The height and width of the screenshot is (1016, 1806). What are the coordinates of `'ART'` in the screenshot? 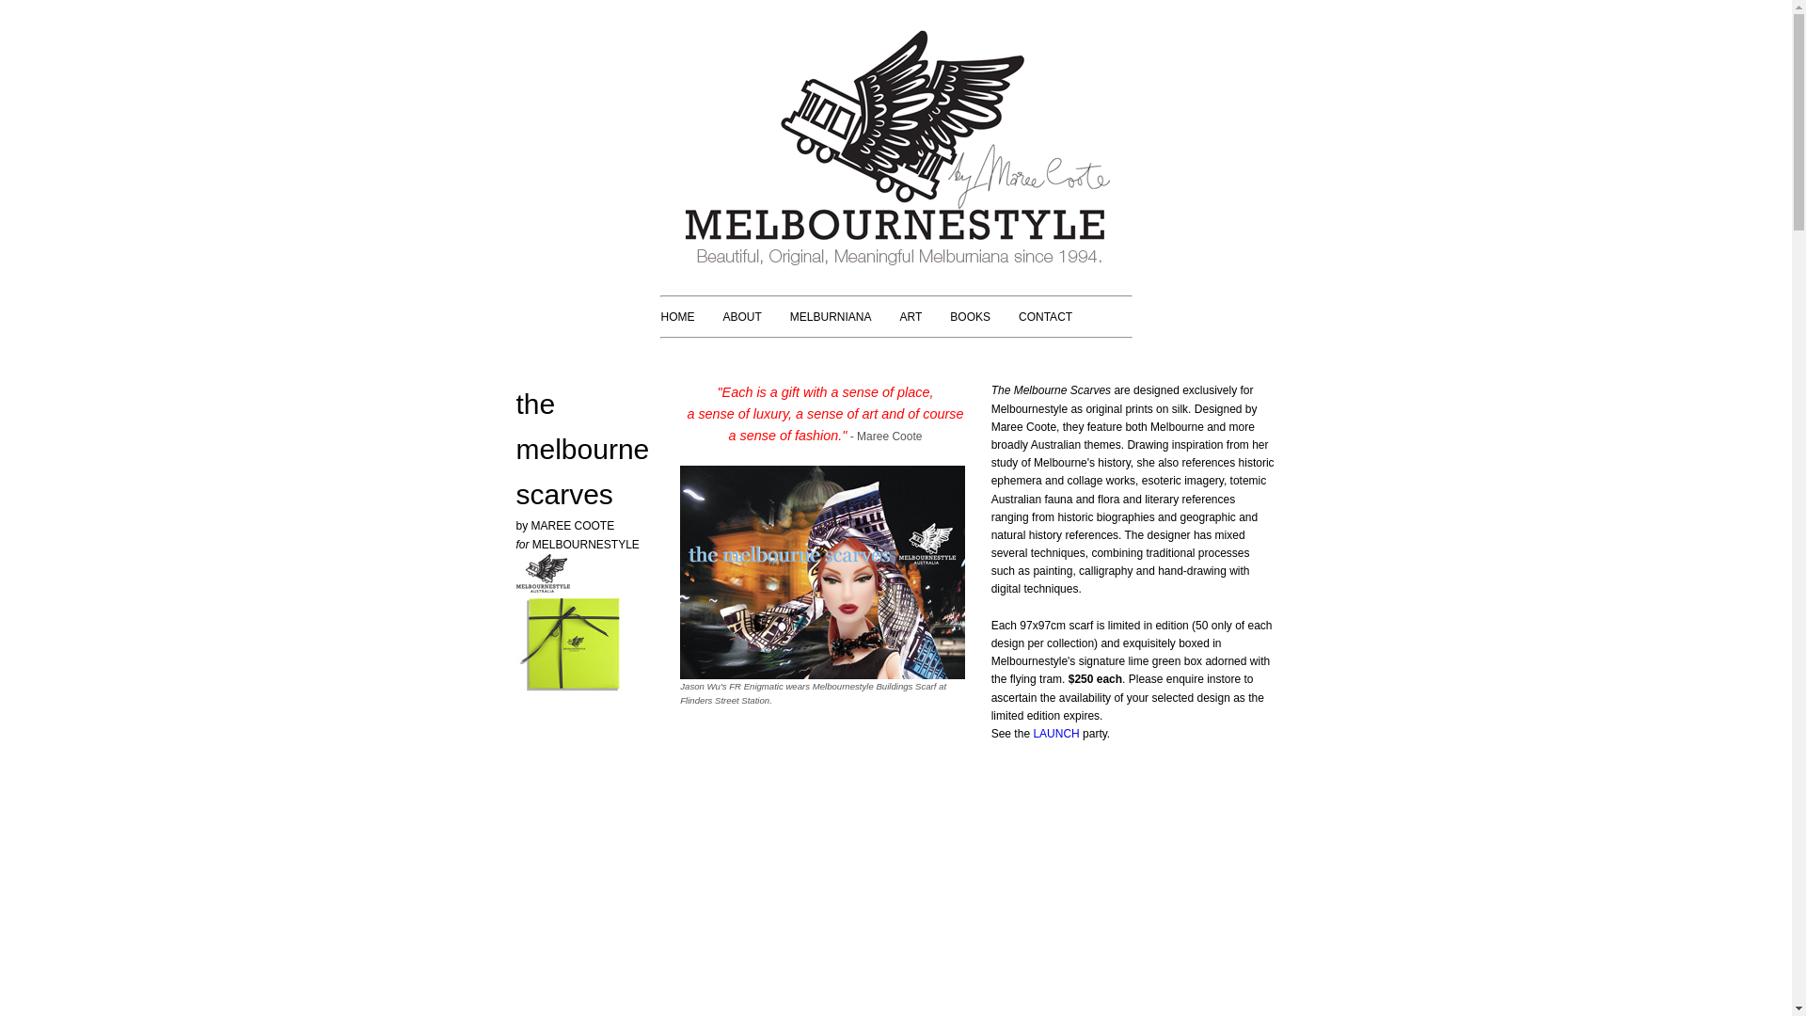 It's located at (911, 315).